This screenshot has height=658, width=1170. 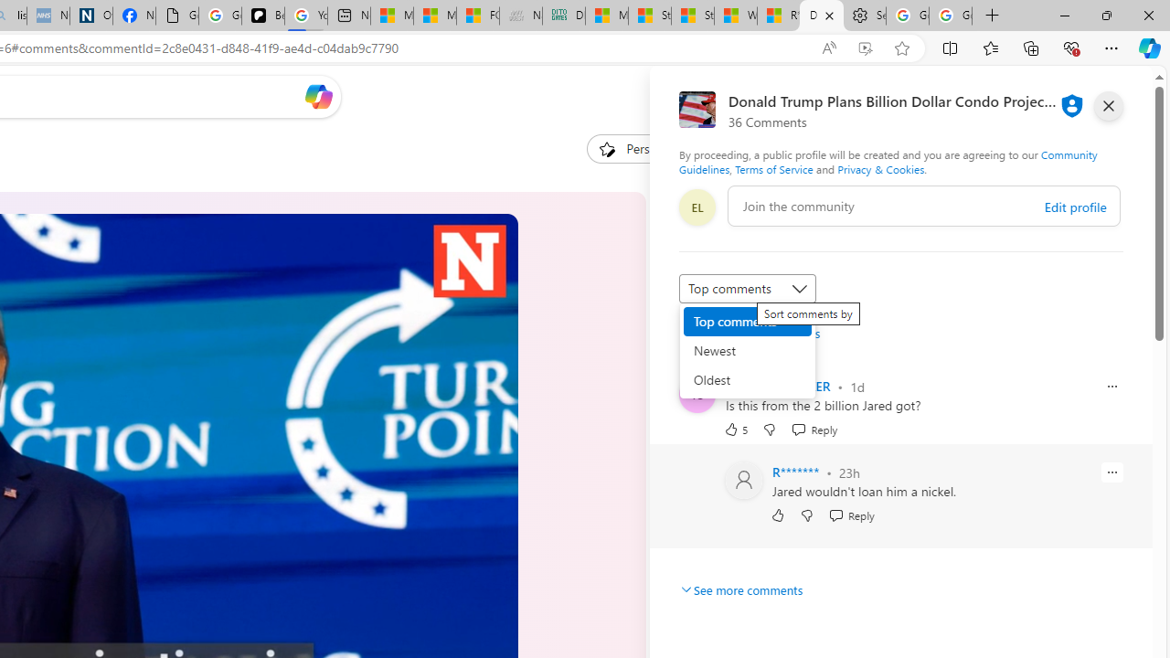 What do you see at coordinates (805, 515) in the screenshot?
I see `'Dislike'` at bounding box center [805, 515].